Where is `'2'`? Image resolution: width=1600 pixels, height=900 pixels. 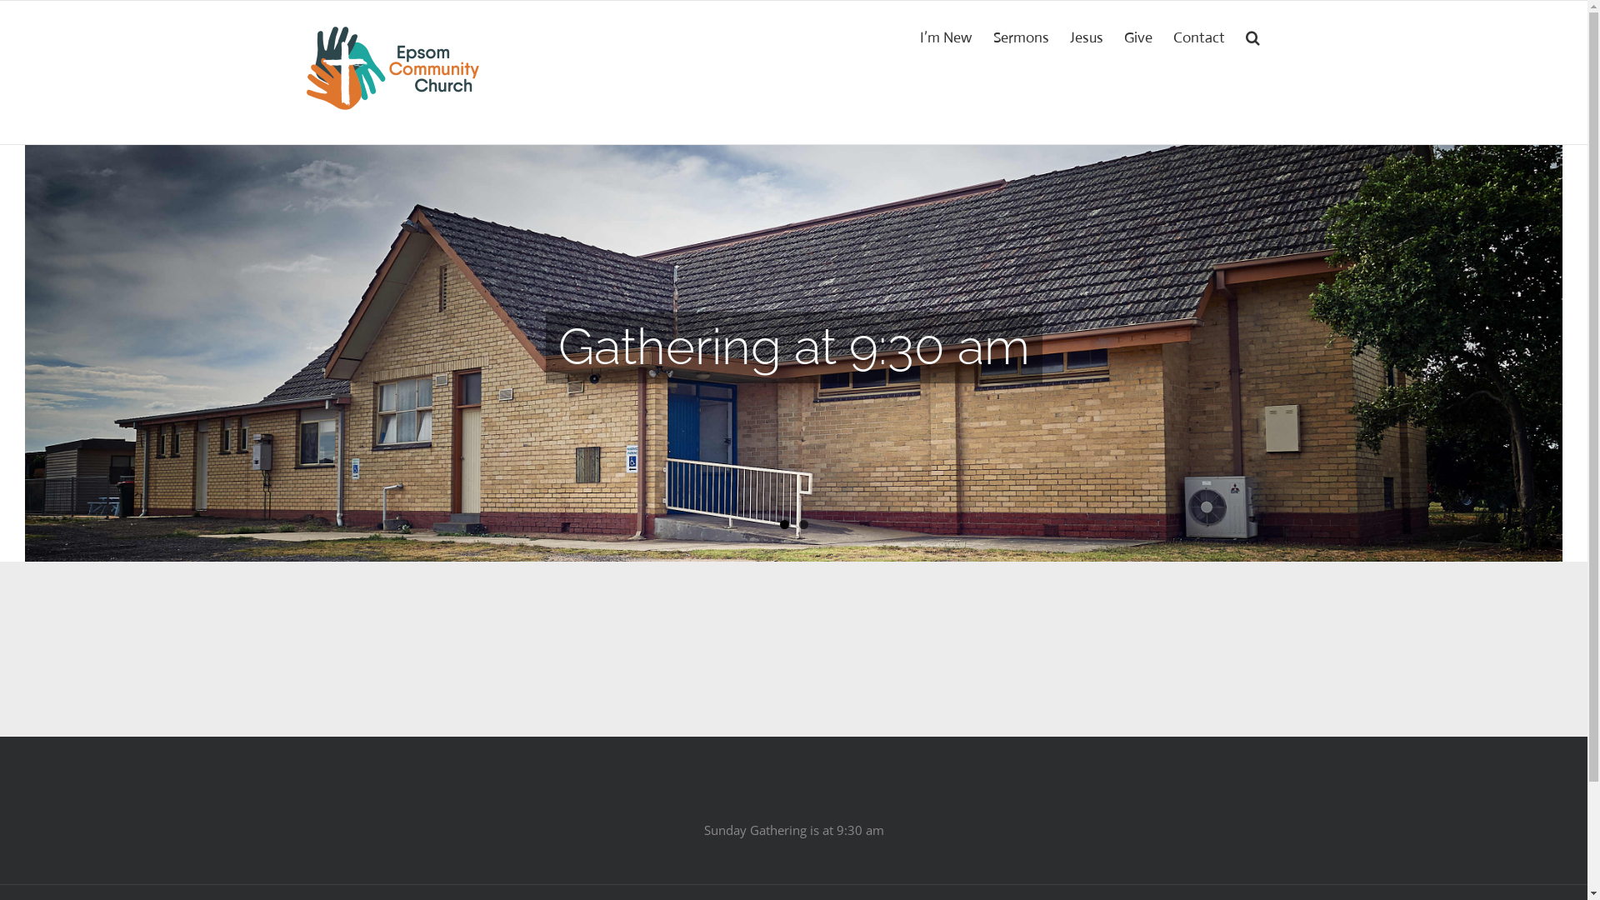
'2' is located at coordinates (802, 523).